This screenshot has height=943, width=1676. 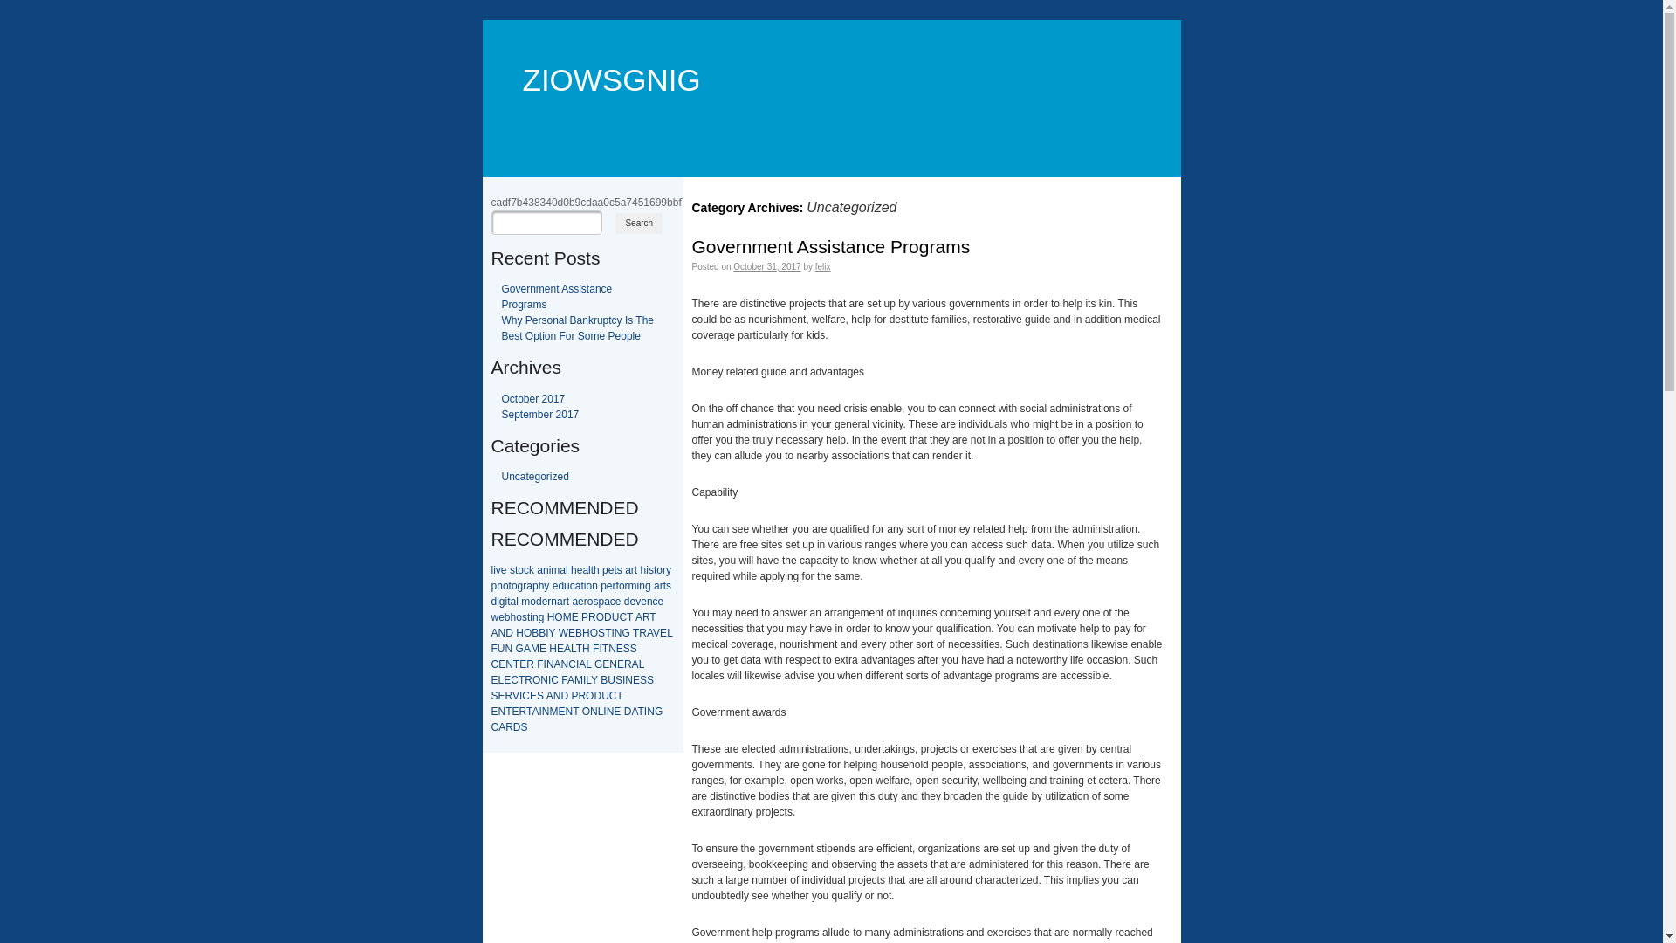 I want to click on 'n', so click(x=534, y=616).